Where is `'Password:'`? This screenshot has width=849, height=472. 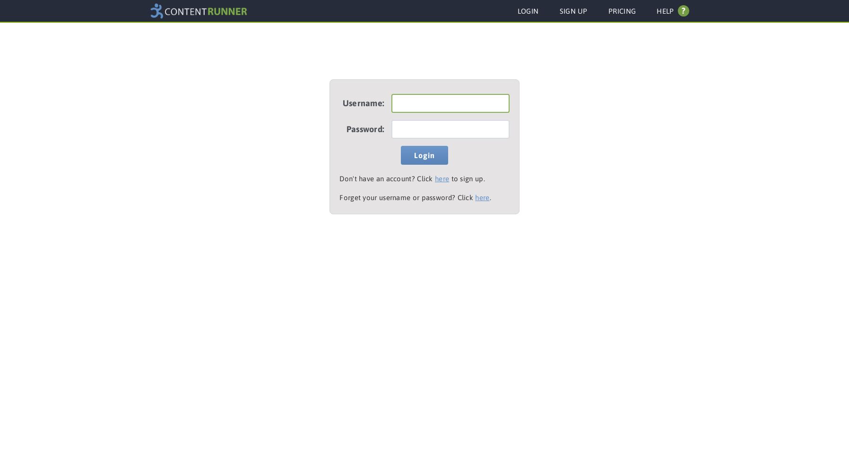 'Password:' is located at coordinates (365, 129).